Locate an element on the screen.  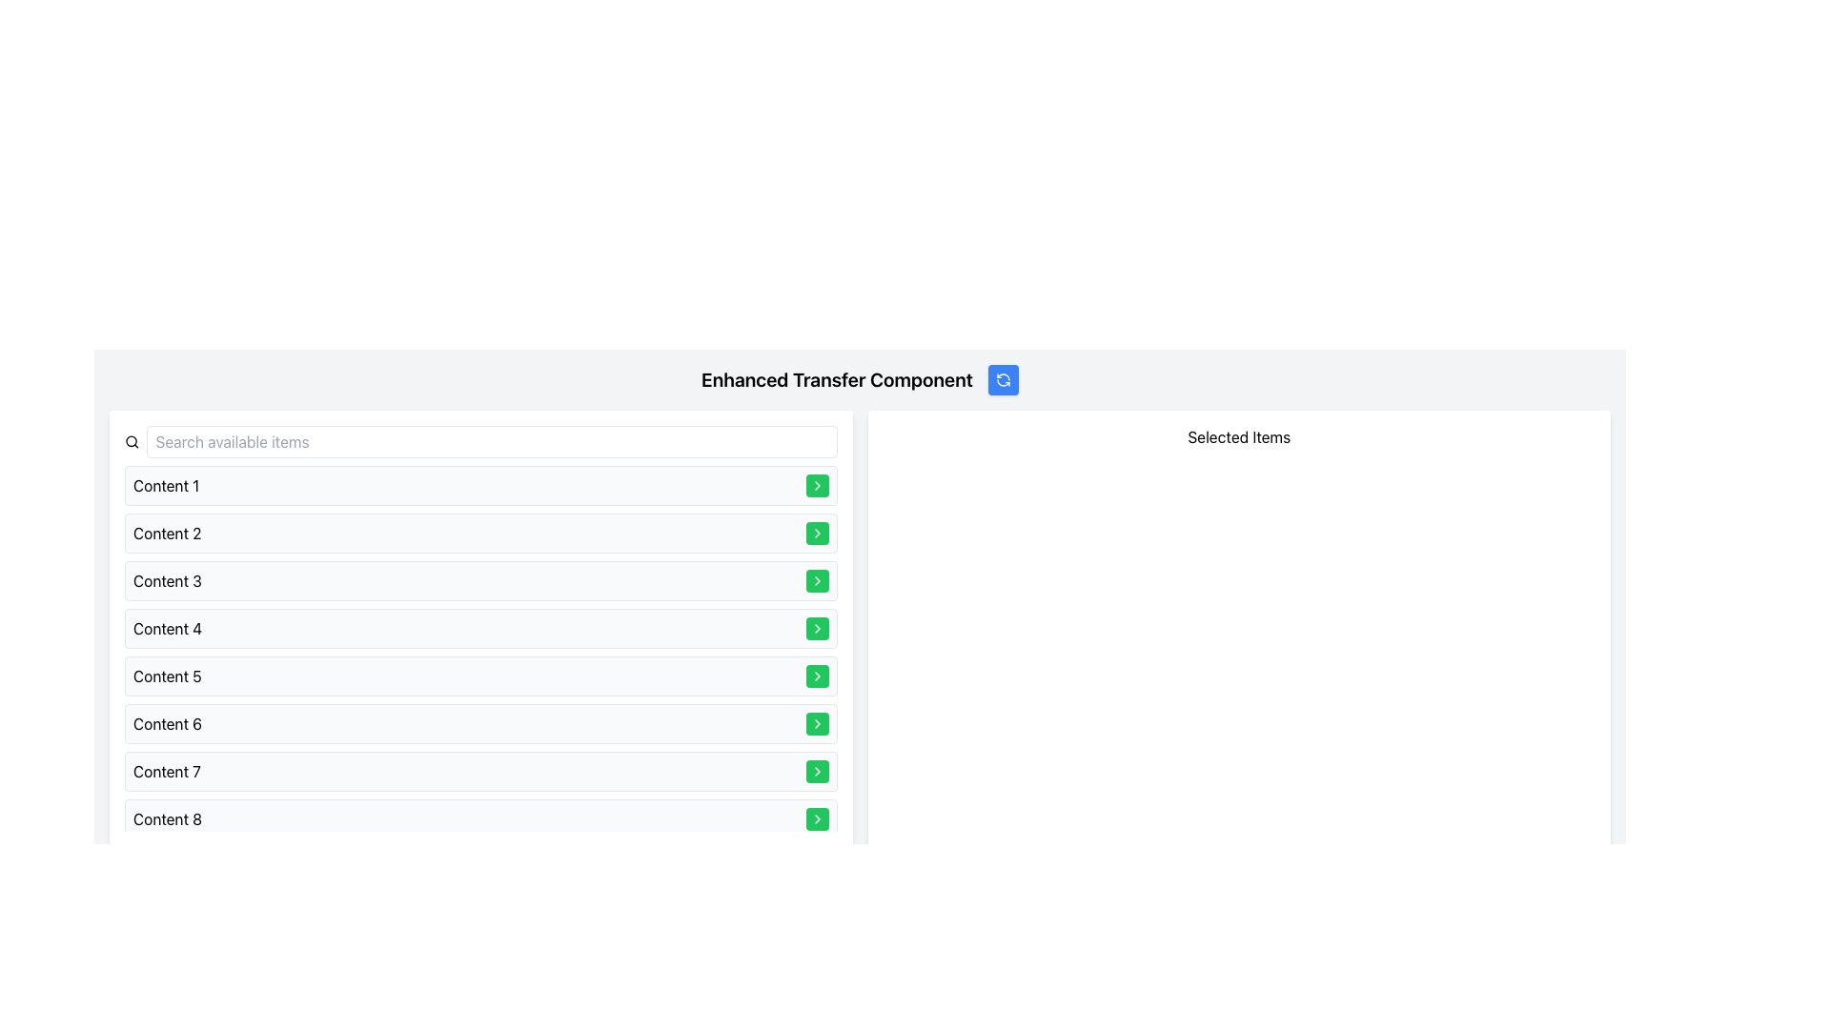
the green button of the fifth list item located between 'Content 4' and 'Content 6' in the vertical list is located at coordinates (480, 675).